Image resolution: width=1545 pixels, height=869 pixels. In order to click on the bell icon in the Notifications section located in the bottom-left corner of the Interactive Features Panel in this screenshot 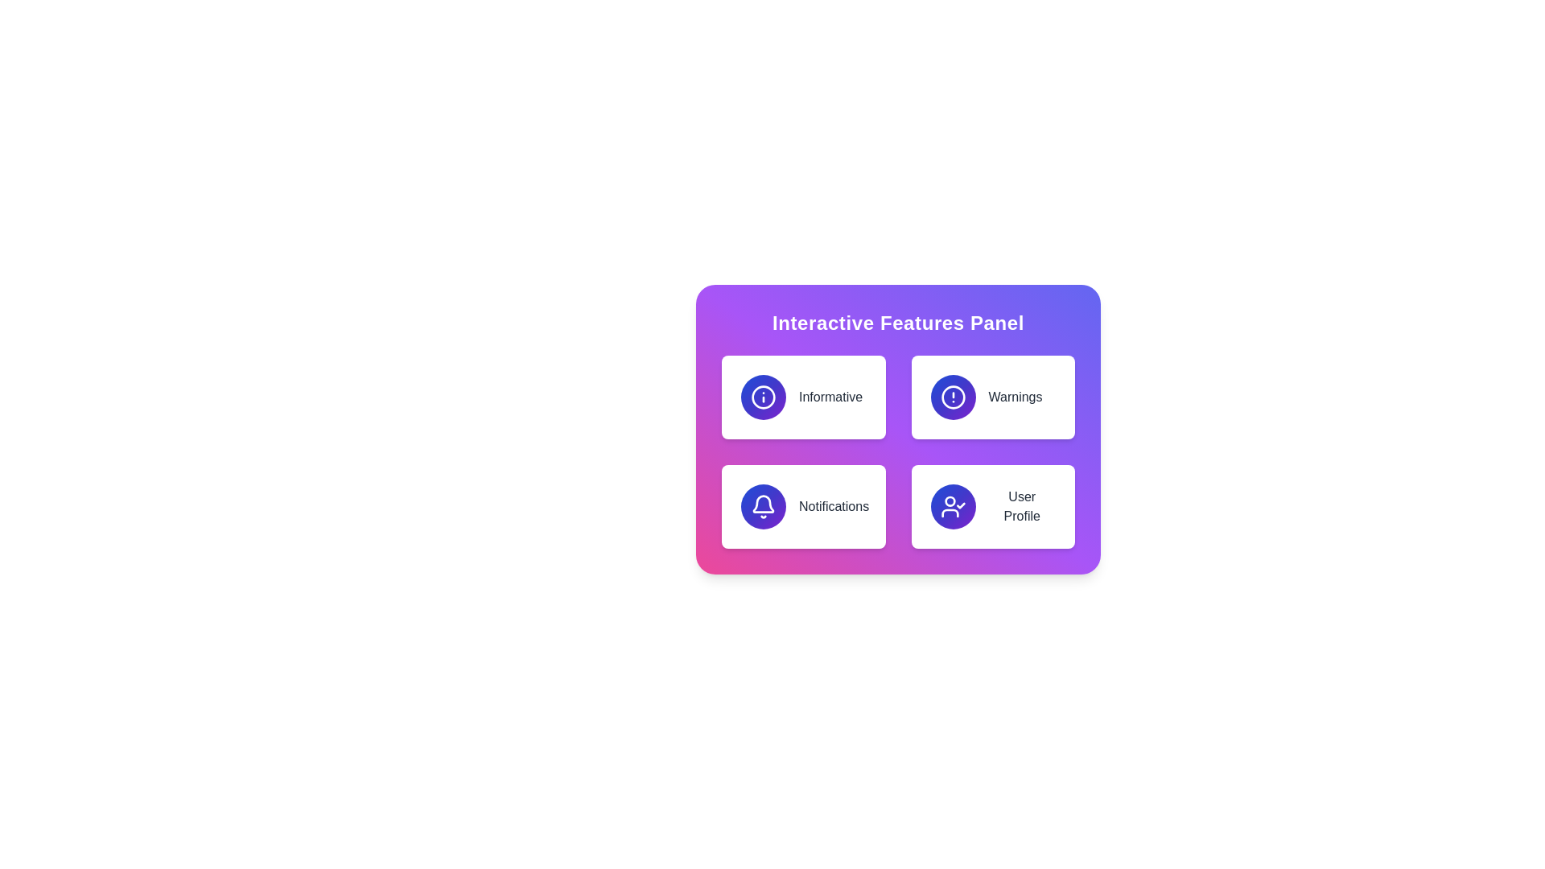, I will do `click(763, 503)`.